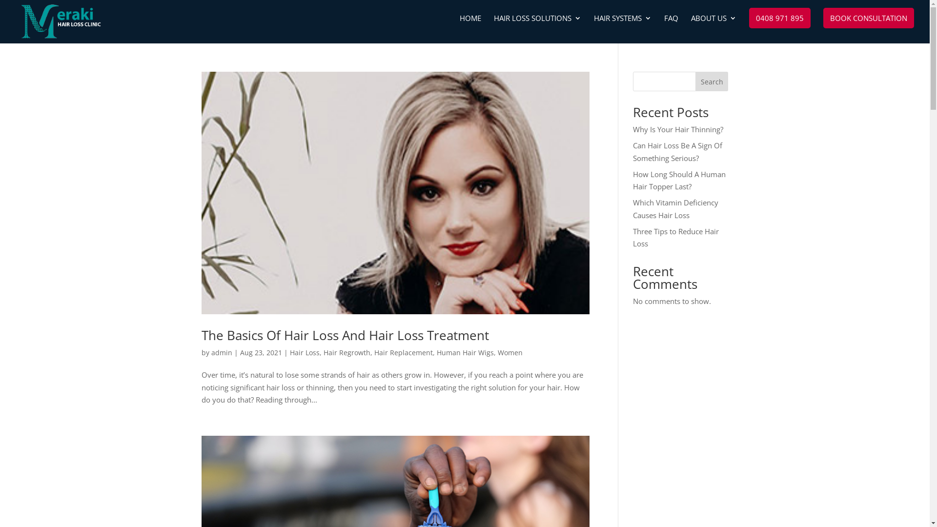 This screenshot has height=527, width=937. What do you see at coordinates (677, 152) in the screenshot?
I see `'Can Hair Loss Be A Sign Of Something Serious?'` at bounding box center [677, 152].